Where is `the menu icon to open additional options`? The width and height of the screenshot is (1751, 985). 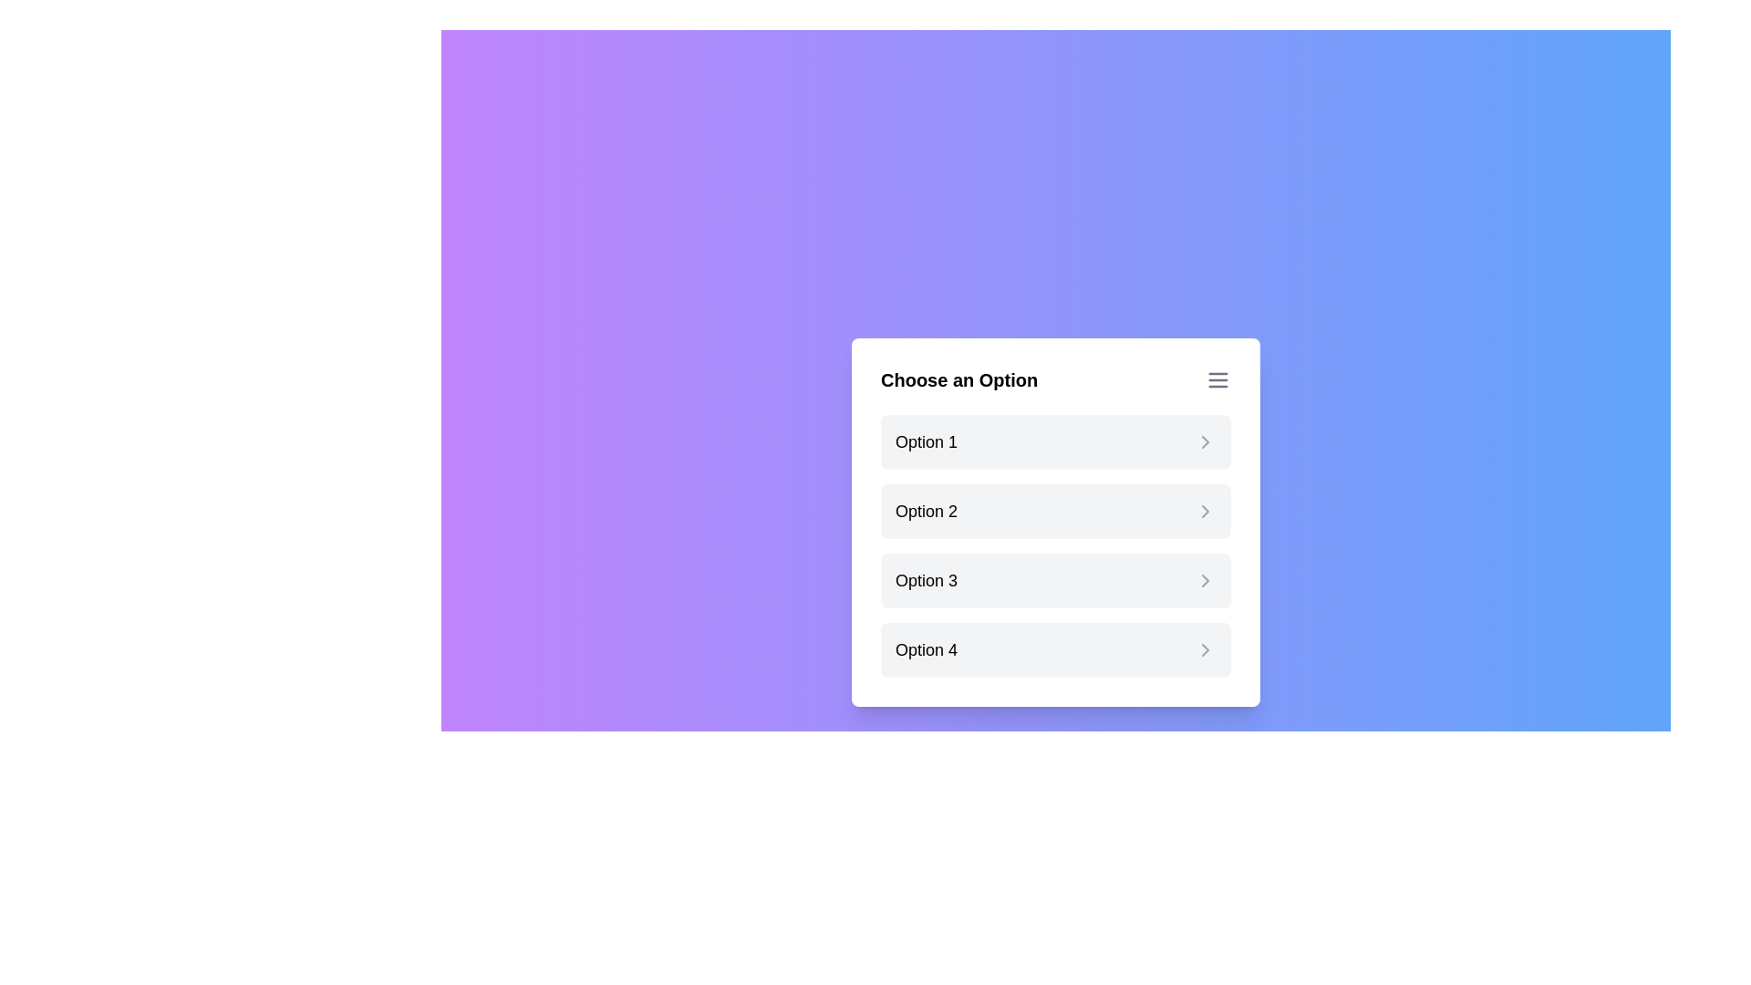
the menu icon to open additional options is located at coordinates (1217, 378).